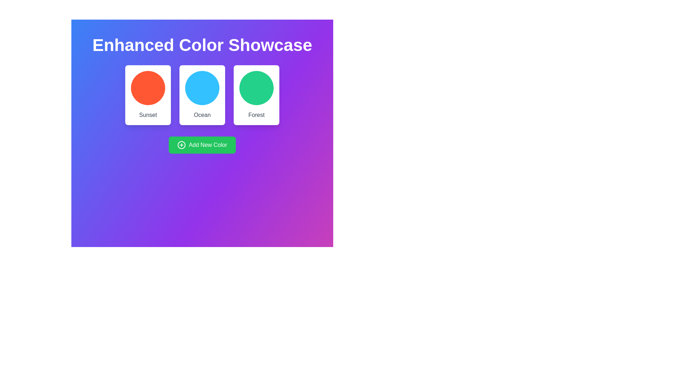  Describe the element at coordinates (202, 145) in the screenshot. I see `the green rectangular button labeled 'Add New Color'` at that location.